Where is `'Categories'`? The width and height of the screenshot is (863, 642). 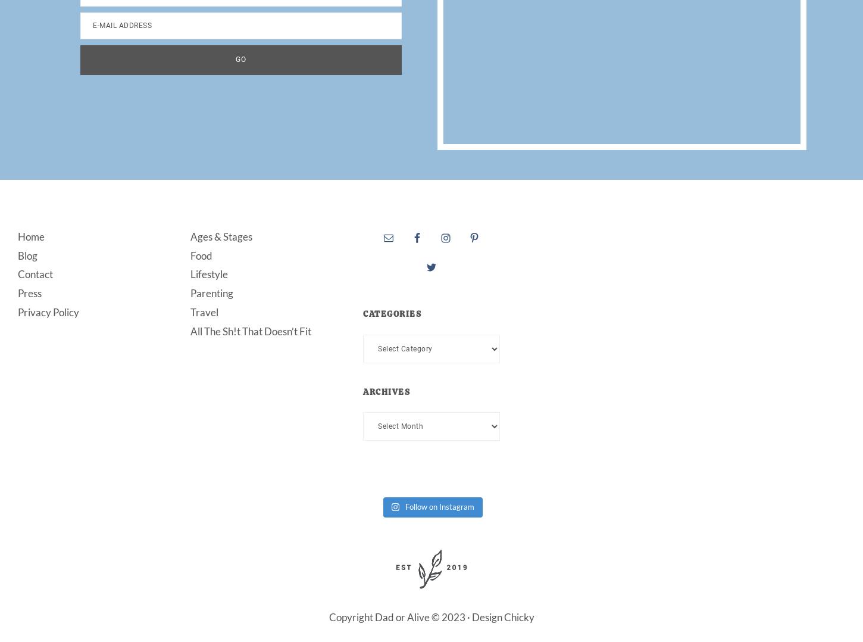
'Categories' is located at coordinates (392, 314).